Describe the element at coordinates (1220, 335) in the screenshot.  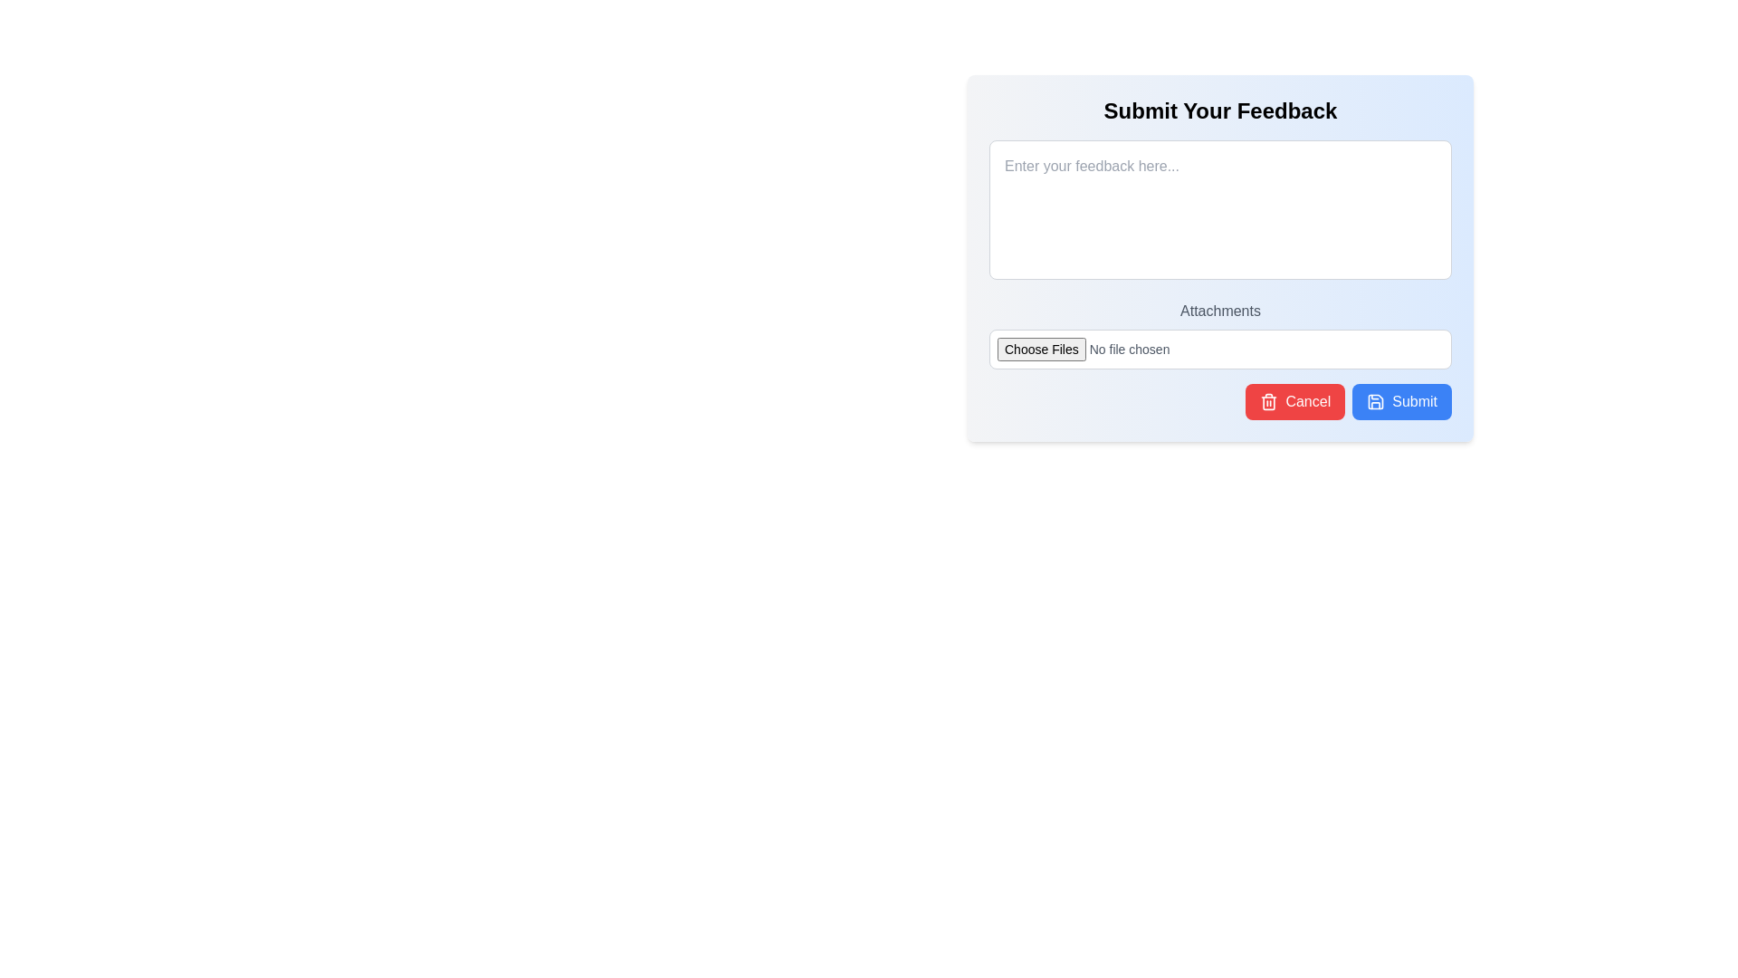
I see `the 'Choose Files' button located within the 'Attachments' file input field` at that location.